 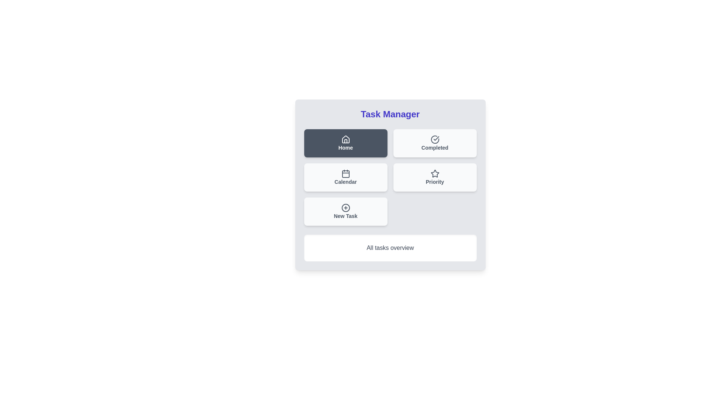 What do you see at coordinates (435, 177) in the screenshot?
I see `the 'Priority' button, which is a rectangular button with rounded corners, a light gray background, and a star icon above the text. The button is located in the lower right quadrant of a 2x3 grid layout, specifically in the second column of the second row` at bounding box center [435, 177].